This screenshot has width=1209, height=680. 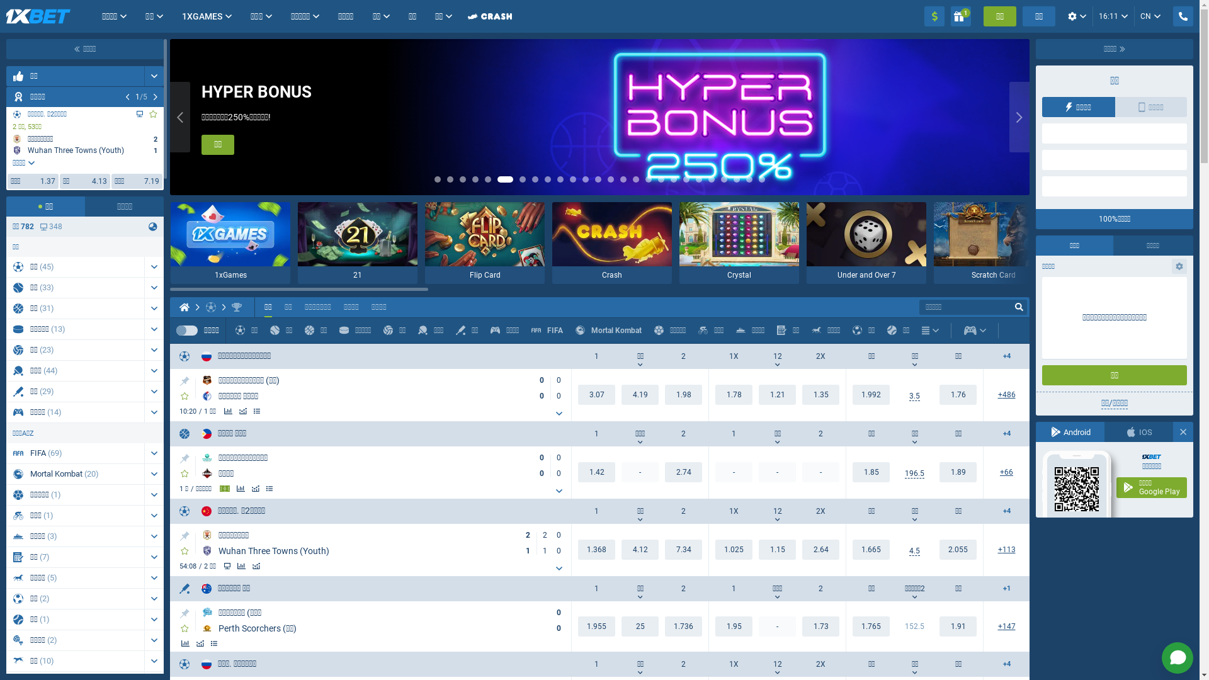 What do you see at coordinates (776, 394) in the screenshot?
I see `'1.21'` at bounding box center [776, 394].